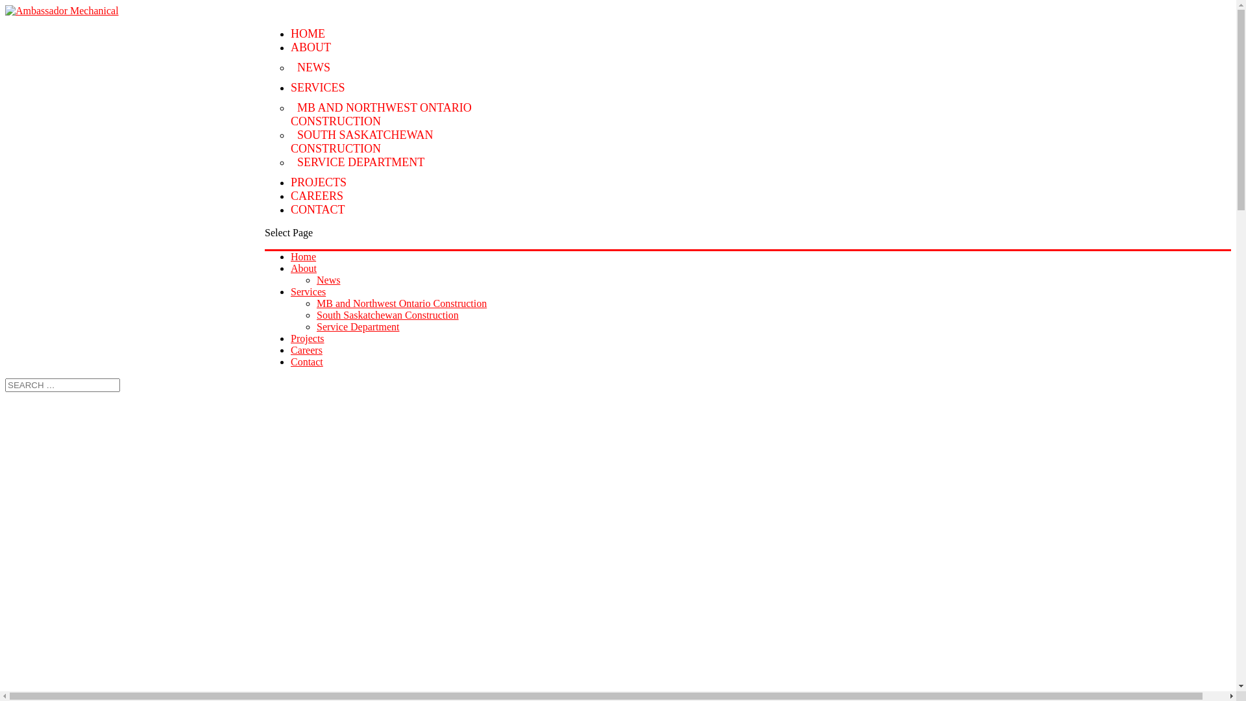 This screenshot has height=701, width=1246. I want to click on 'Contact', so click(306, 362).